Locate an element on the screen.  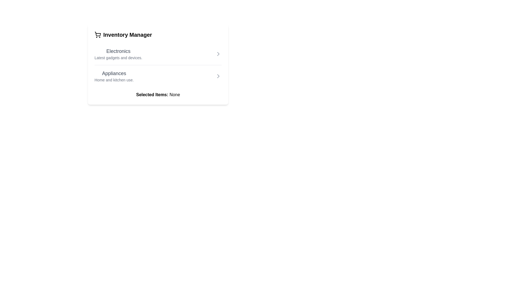
the rightward-facing chevron icon styled with a gray color located at the far-right of the 'Appliances' row in the 'Inventory Manager' section is located at coordinates (218, 76).